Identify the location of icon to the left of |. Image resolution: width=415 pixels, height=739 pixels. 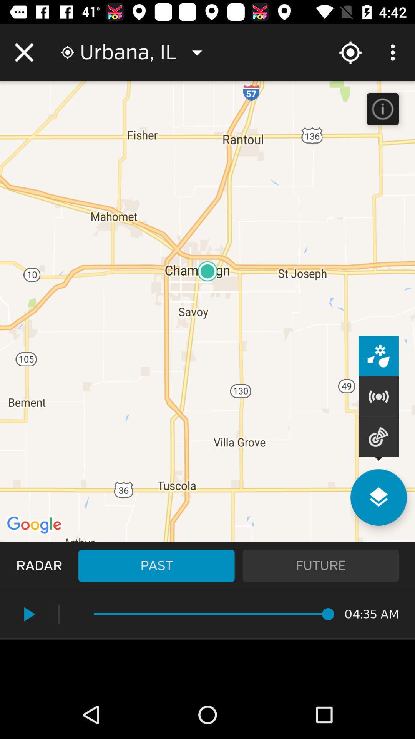
(28, 614).